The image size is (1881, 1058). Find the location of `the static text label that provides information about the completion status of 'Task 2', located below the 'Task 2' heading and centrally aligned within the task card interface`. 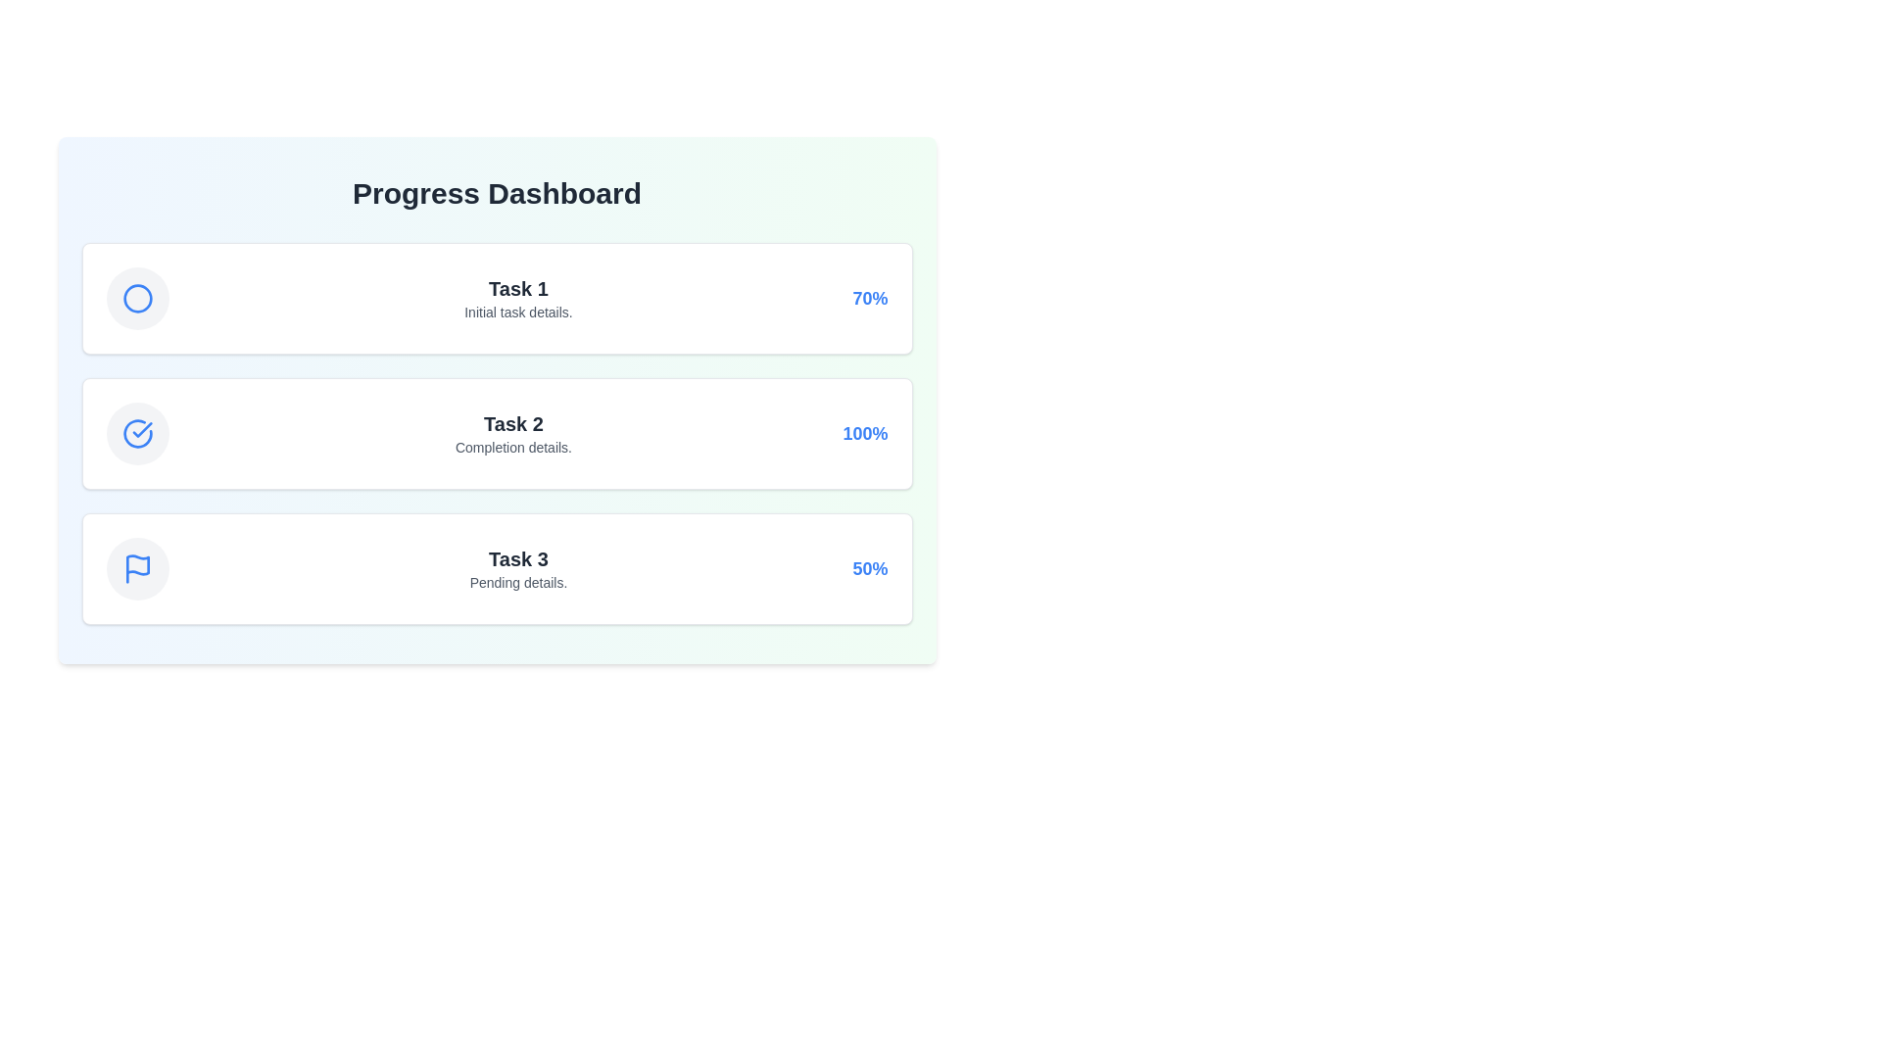

the static text label that provides information about the completion status of 'Task 2', located below the 'Task 2' heading and centrally aligned within the task card interface is located at coordinates (513, 447).